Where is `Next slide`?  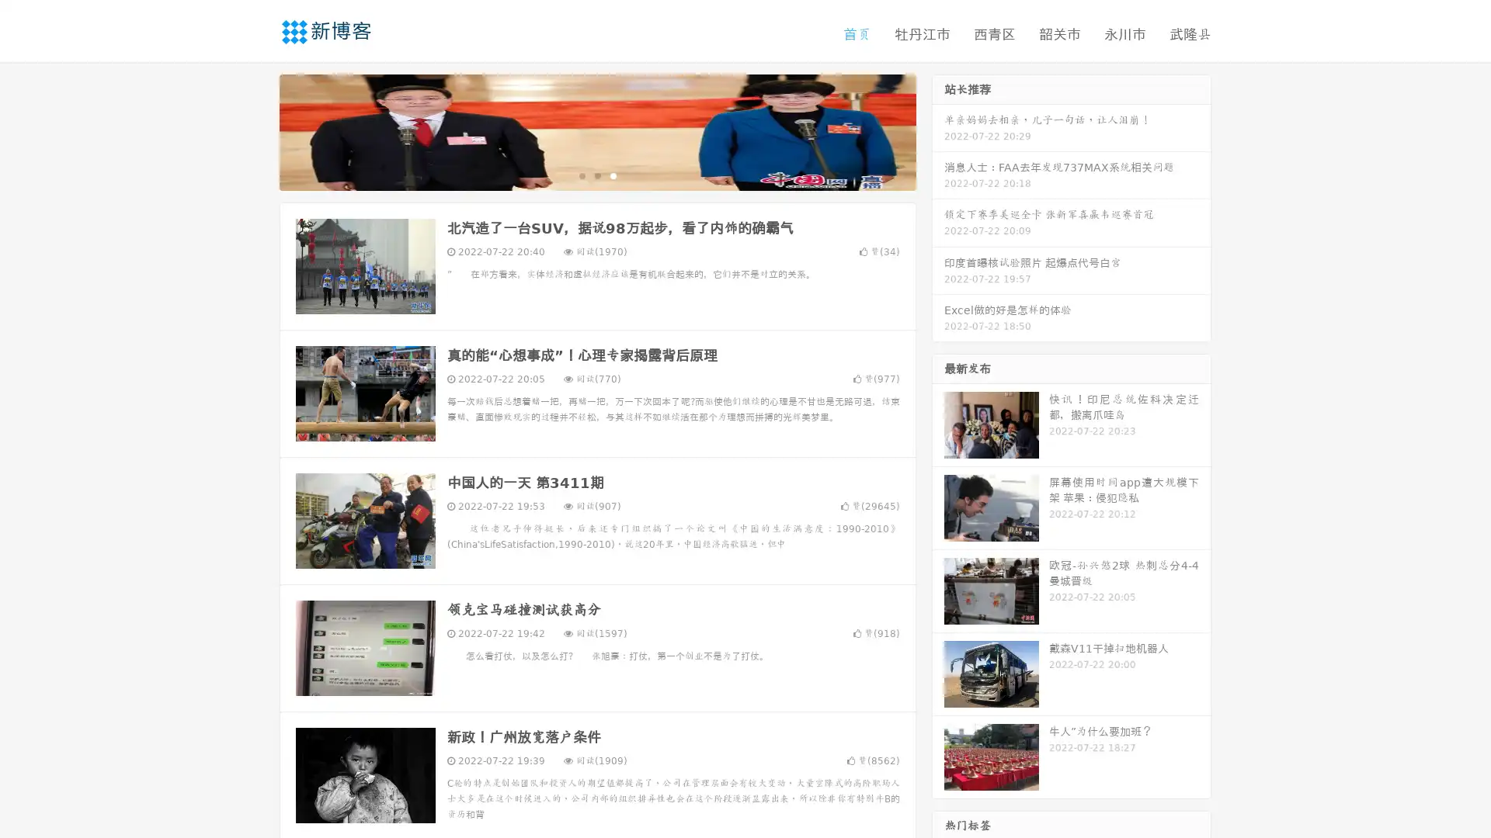 Next slide is located at coordinates (938, 130).